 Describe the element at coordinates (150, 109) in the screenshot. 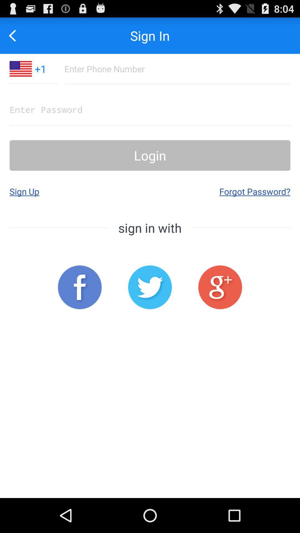

I see `the password` at that location.